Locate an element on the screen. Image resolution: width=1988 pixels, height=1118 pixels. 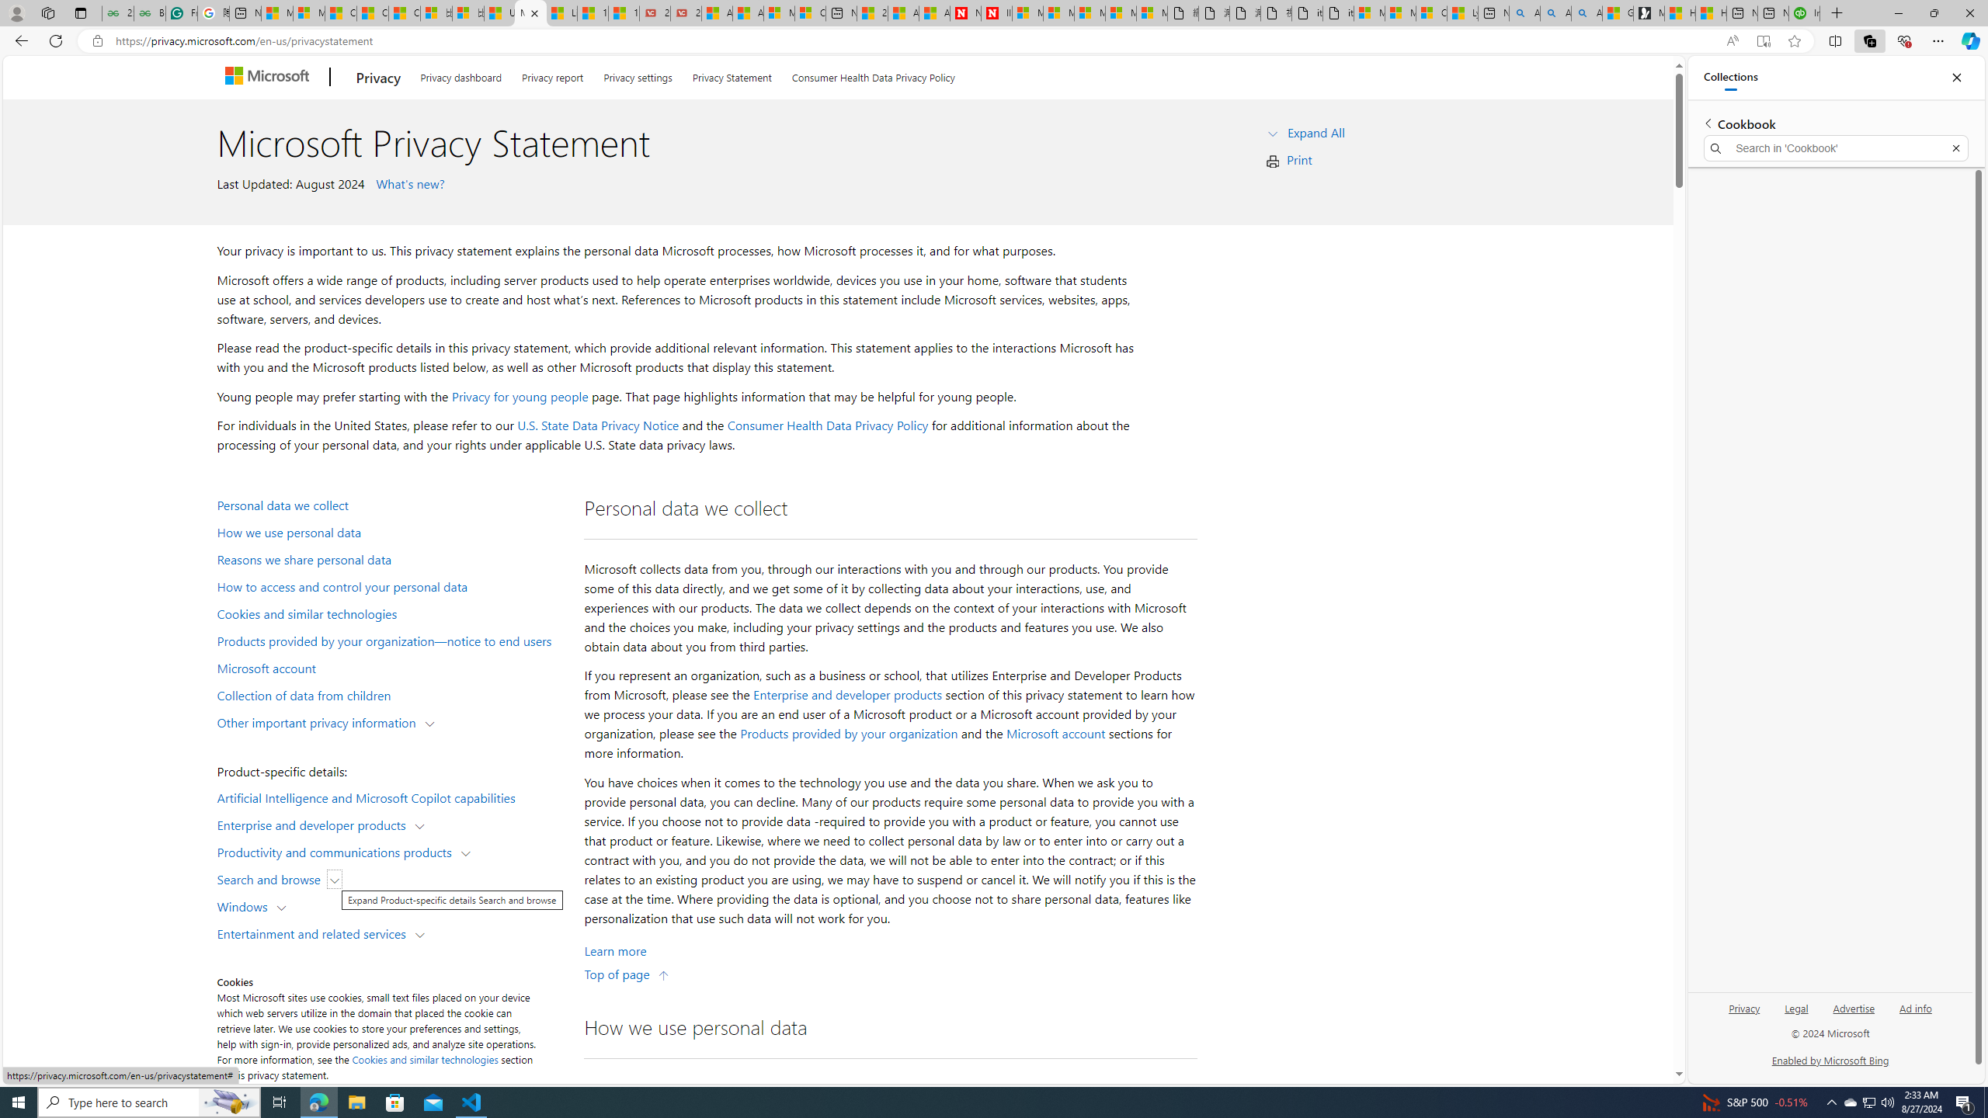
'itconcepthk.com/projector_solutions.mp4' is located at coordinates (1336, 12).